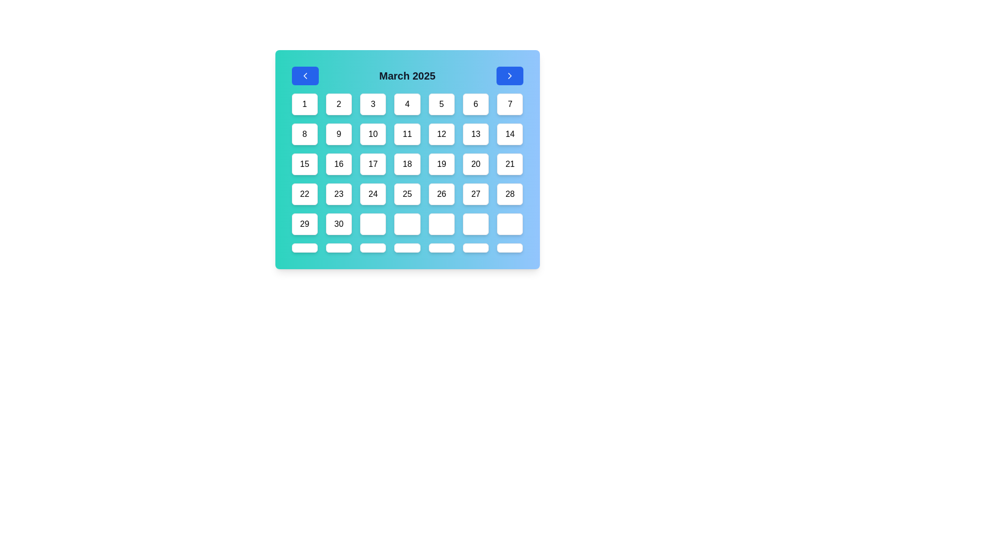 This screenshot has height=558, width=992. What do you see at coordinates (304, 133) in the screenshot?
I see `the button representing the 8th day of the month in the second row, first column of the calendar view` at bounding box center [304, 133].